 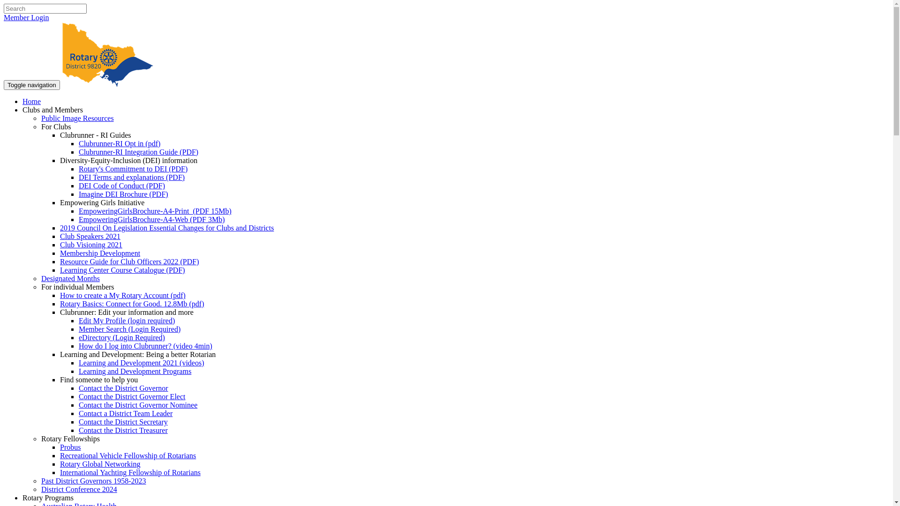 What do you see at coordinates (152, 219) in the screenshot?
I see `'EmpoweringGirlsBrochure-A4-Web (PDF 3Mb)'` at bounding box center [152, 219].